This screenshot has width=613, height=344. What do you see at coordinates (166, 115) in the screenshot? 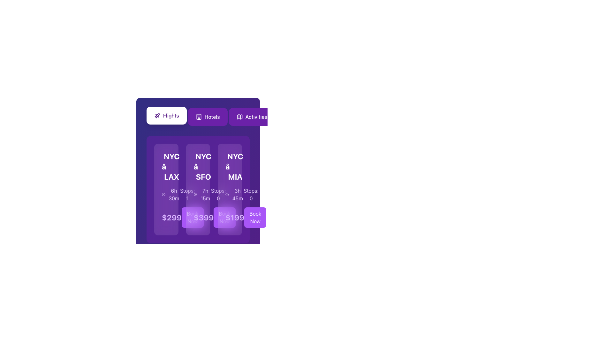
I see `the button labeled 'Flights' located at the top left of the button group` at bounding box center [166, 115].